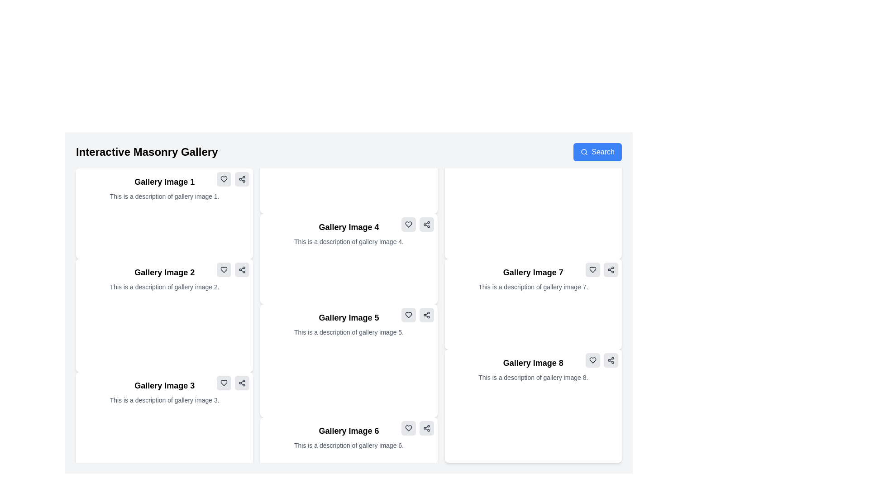  I want to click on the 'like' button located at the top-right corner of the card titled 'Gallery Image 4', so click(408, 224).